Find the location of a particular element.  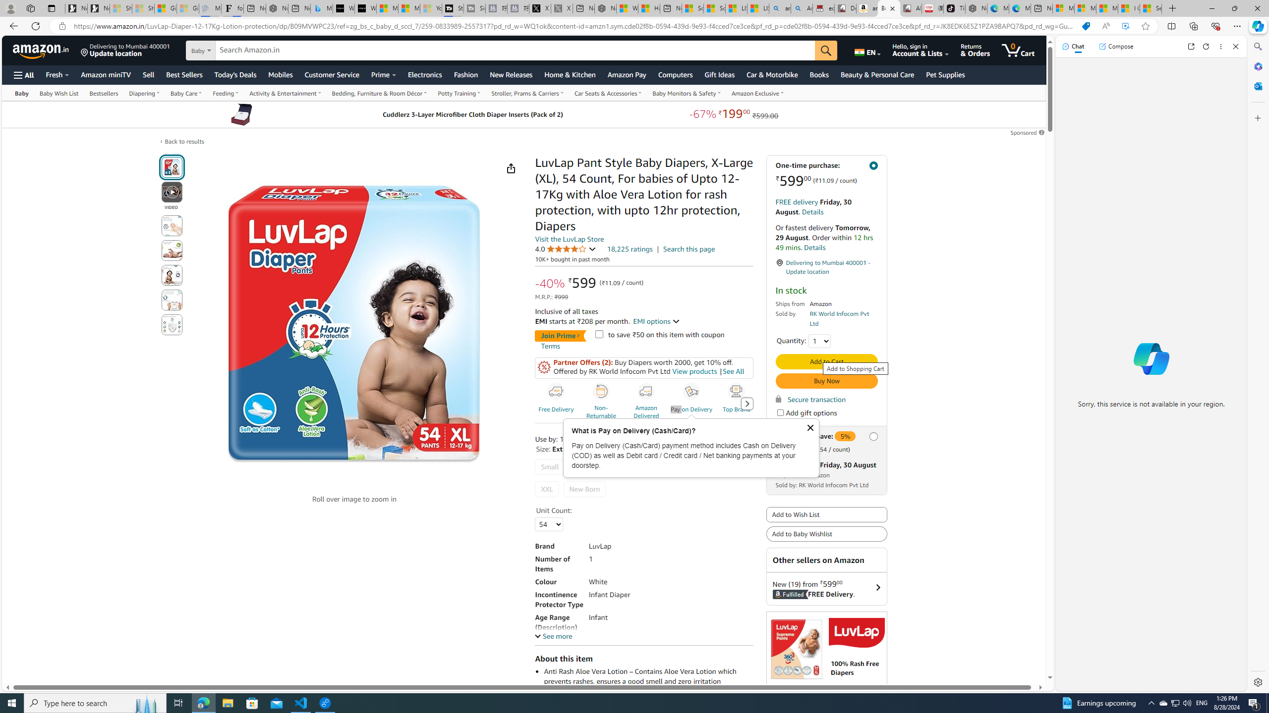

'Huge shark washes ashore at New York City beach | Watch' is located at coordinates (648, 8).